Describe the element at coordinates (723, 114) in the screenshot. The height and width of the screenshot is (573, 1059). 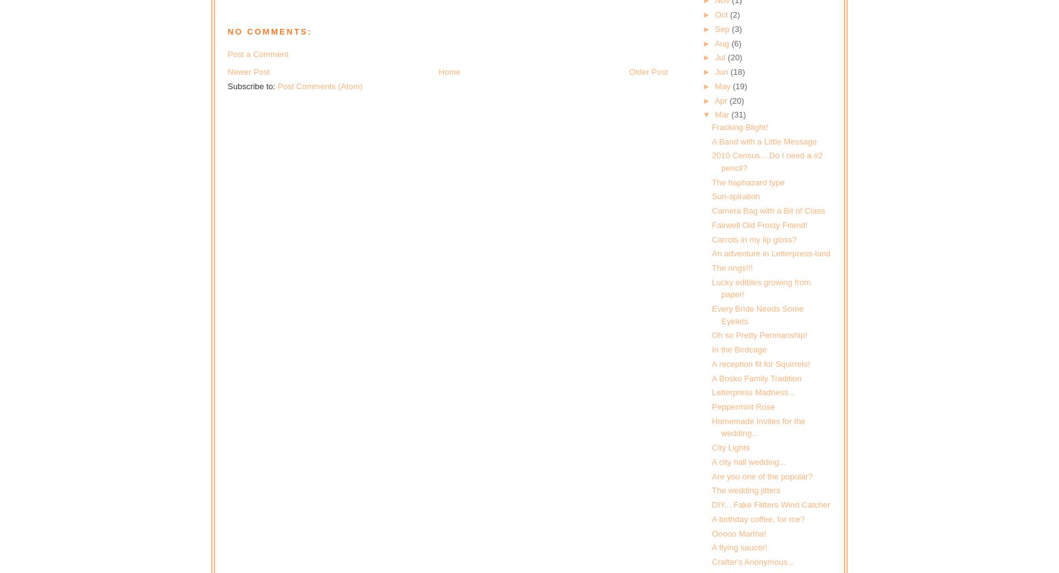
I see `'Mar'` at that location.